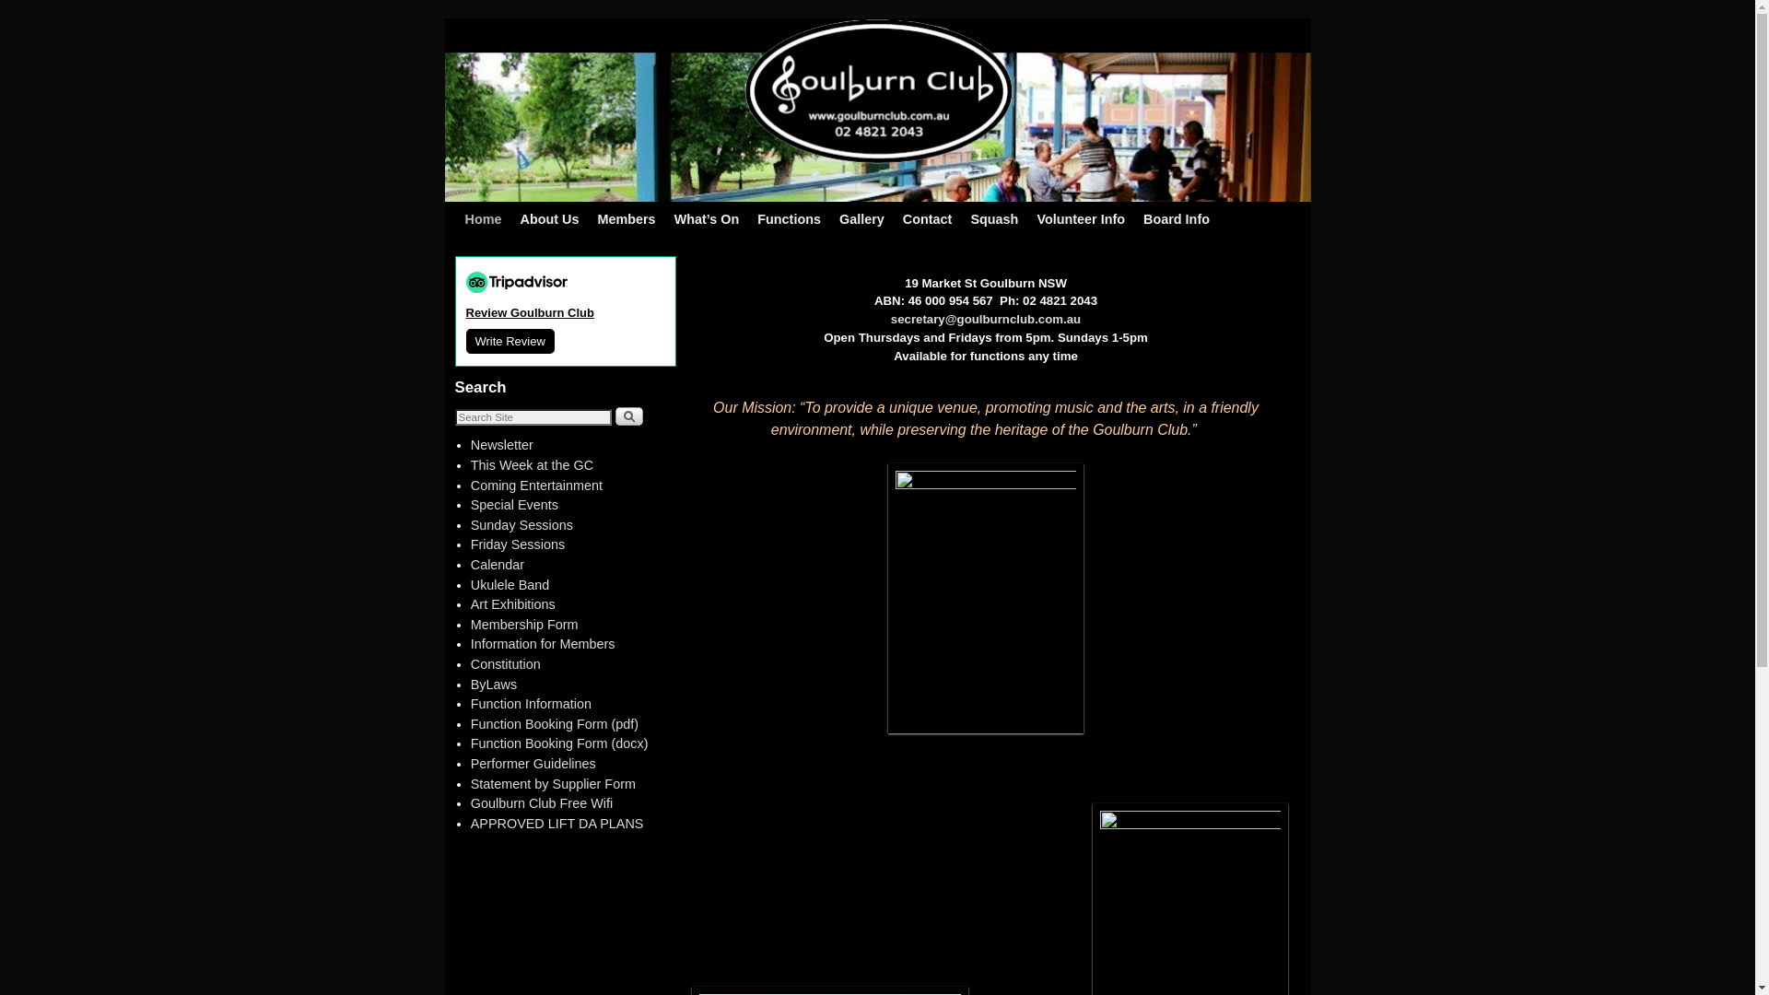 Image resolution: width=1769 pixels, height=995 pixels. What do you see at coordinates (928, 218) in the screenshot?
I see `'Contact'` at bounding box center [928, 218].